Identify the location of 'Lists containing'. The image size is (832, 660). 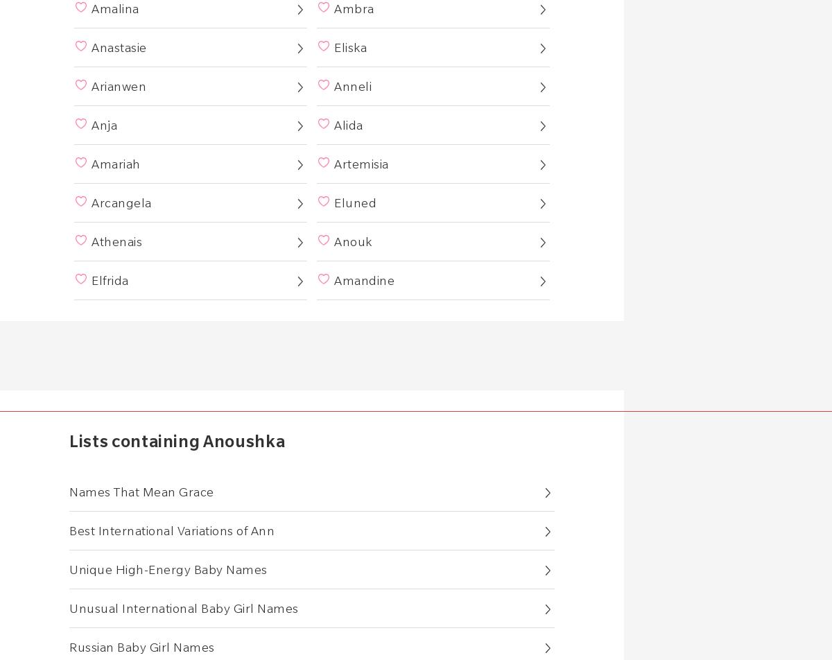
(135, 441).